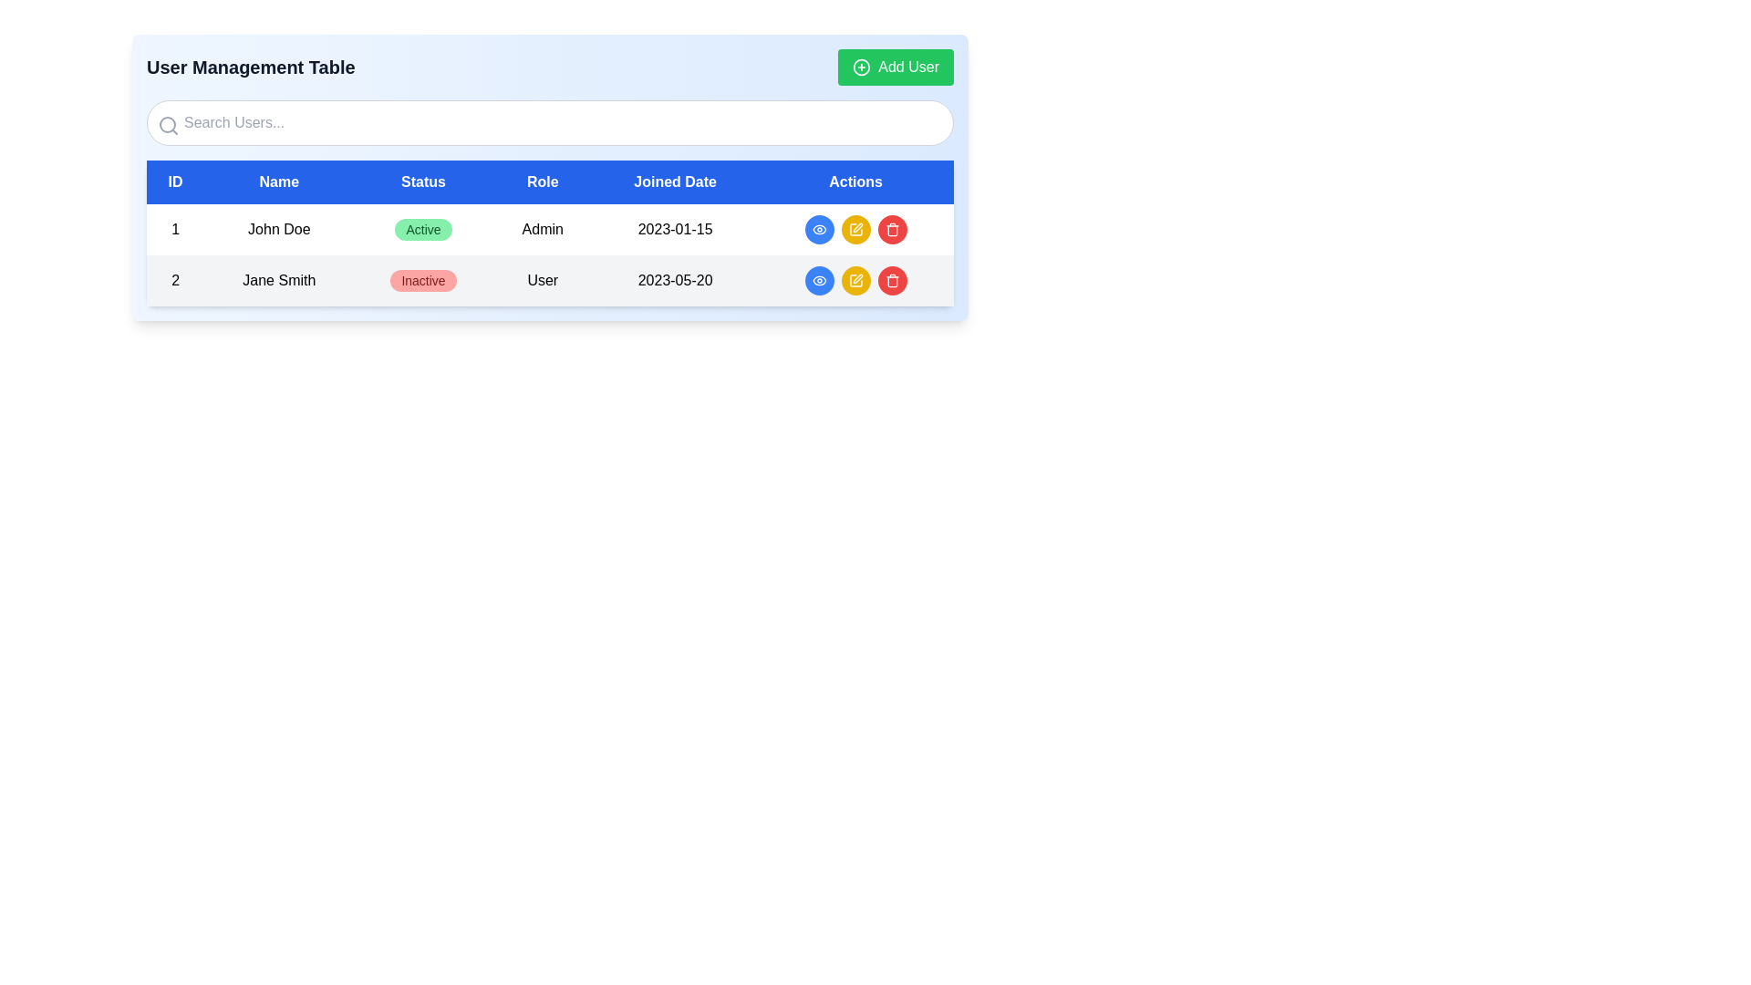 The image size is (1751, 985). I want to click on the text label with a blue background and white text displaying 'Role', located in the fourth position of a table header row, so click(542, 182).